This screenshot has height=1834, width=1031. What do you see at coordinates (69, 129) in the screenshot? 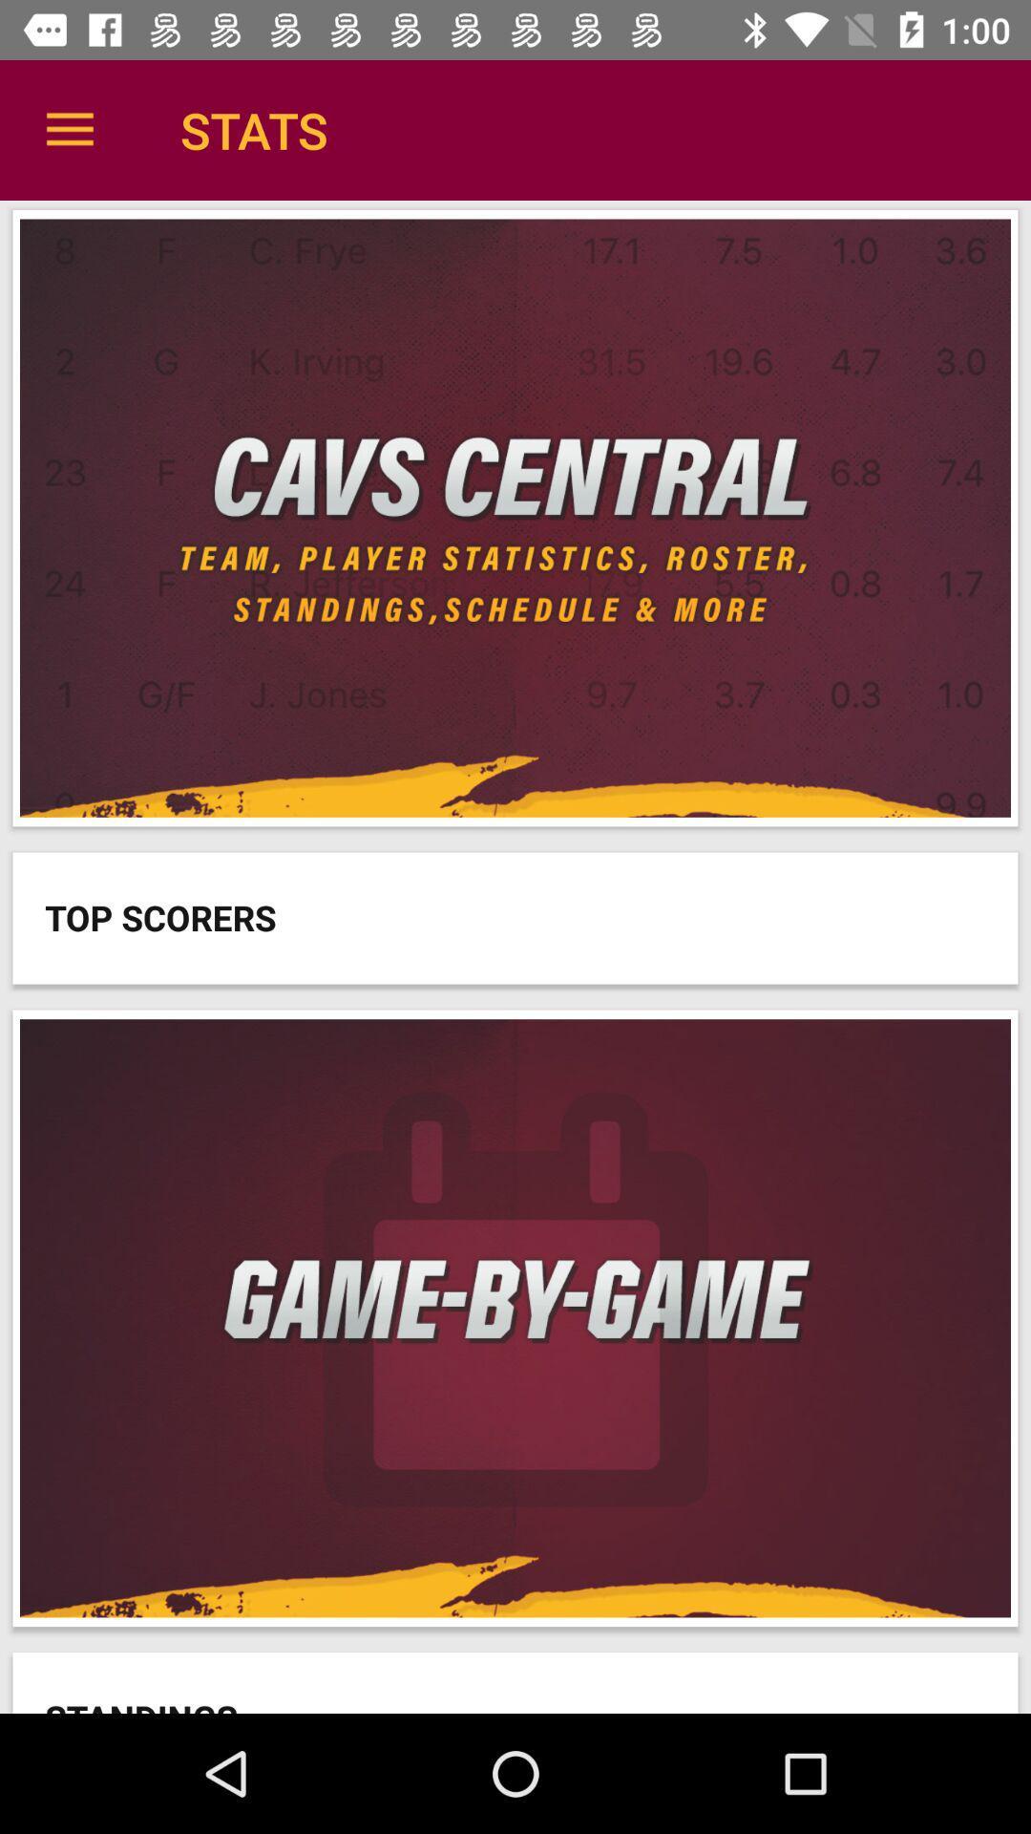
I see `icon next to the stats item` at bounding box center [69, 129].